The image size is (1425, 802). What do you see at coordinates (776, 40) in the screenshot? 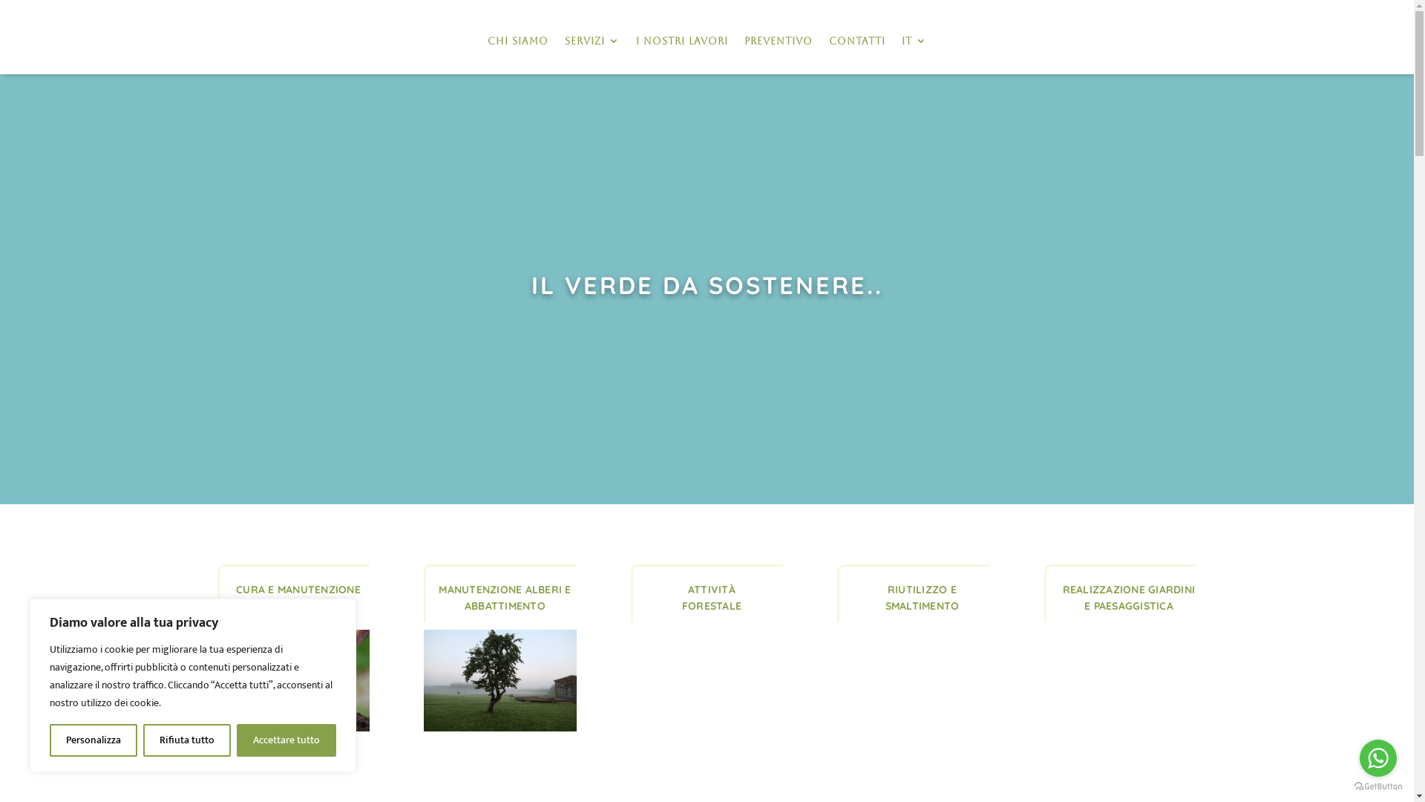
I see `'PREVENTIVO'` at bounding box center [776, 40].